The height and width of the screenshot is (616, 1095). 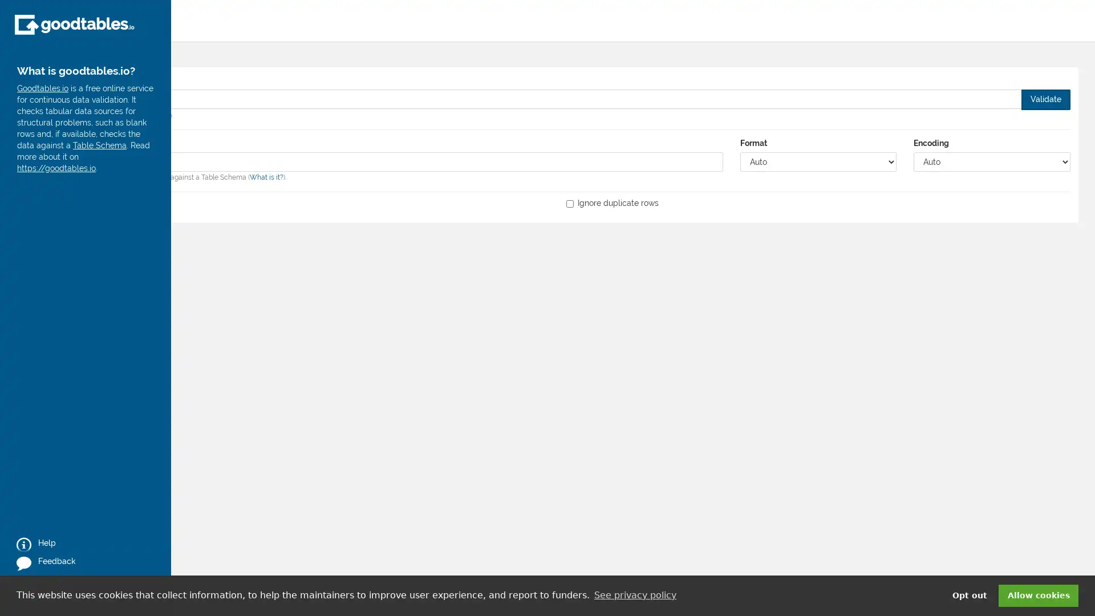 What do you see at coordinates (968, 595) in the screenshot?
I see `deny cookies` at bounding box center [968, 595].